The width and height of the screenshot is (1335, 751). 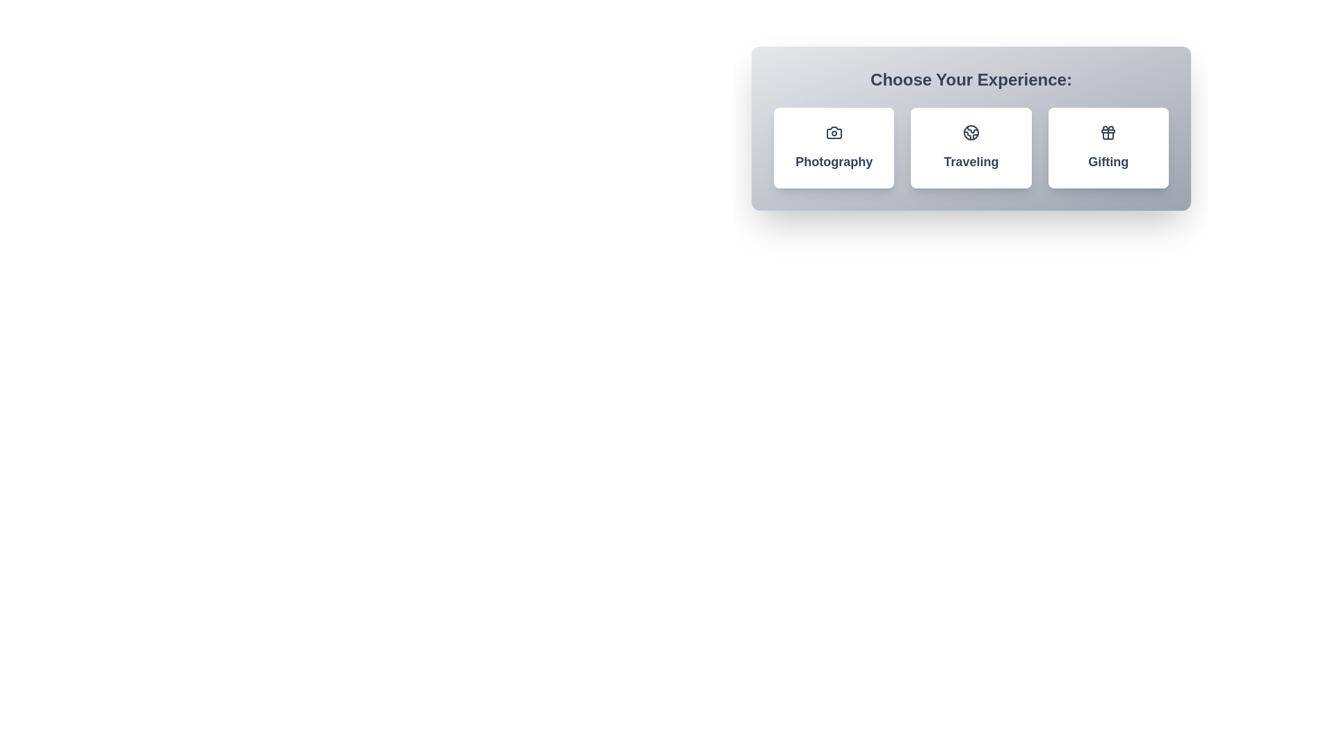 What do you see at coordinates (970, 147) in the screenshot?
I see `the chip labeled Traveling` at bounding box center [970, 147].